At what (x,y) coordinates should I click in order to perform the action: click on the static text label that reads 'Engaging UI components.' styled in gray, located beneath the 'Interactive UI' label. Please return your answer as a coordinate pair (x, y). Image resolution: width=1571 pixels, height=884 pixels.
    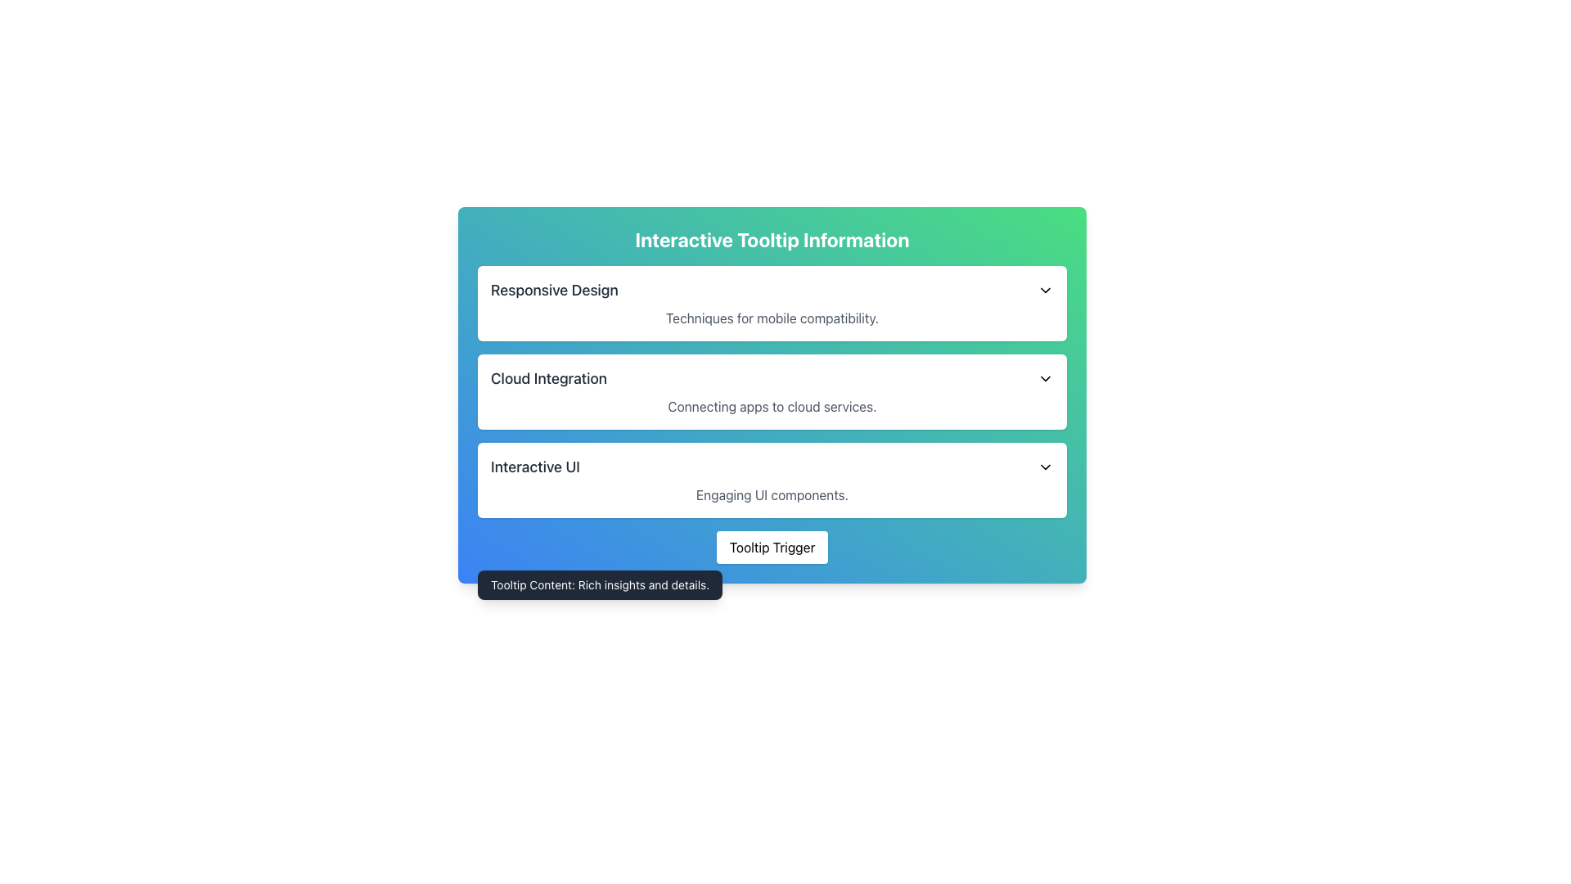
    Looking at the image, I should click on (772, 494).